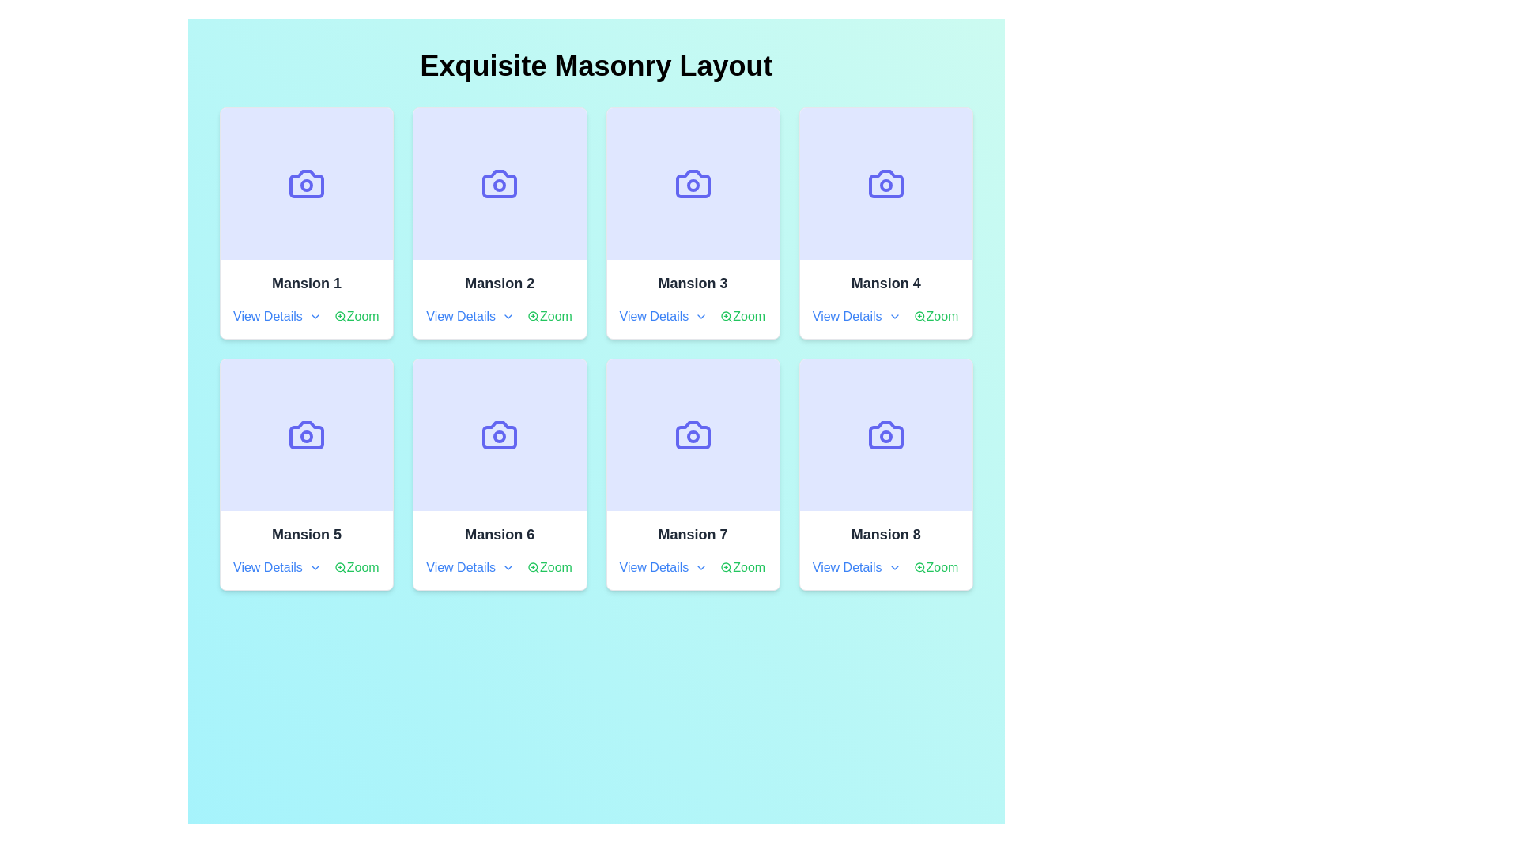 Image resolution: width=1518 pixels, height=853 pixels. What do you see at coordinates (885, 435) in the screenshot?
I see `the camera icon located at the top of the card labeled 'Mansion 8', positioned in the last column of the second row in the grid layout` at bounding box center [885, 435].